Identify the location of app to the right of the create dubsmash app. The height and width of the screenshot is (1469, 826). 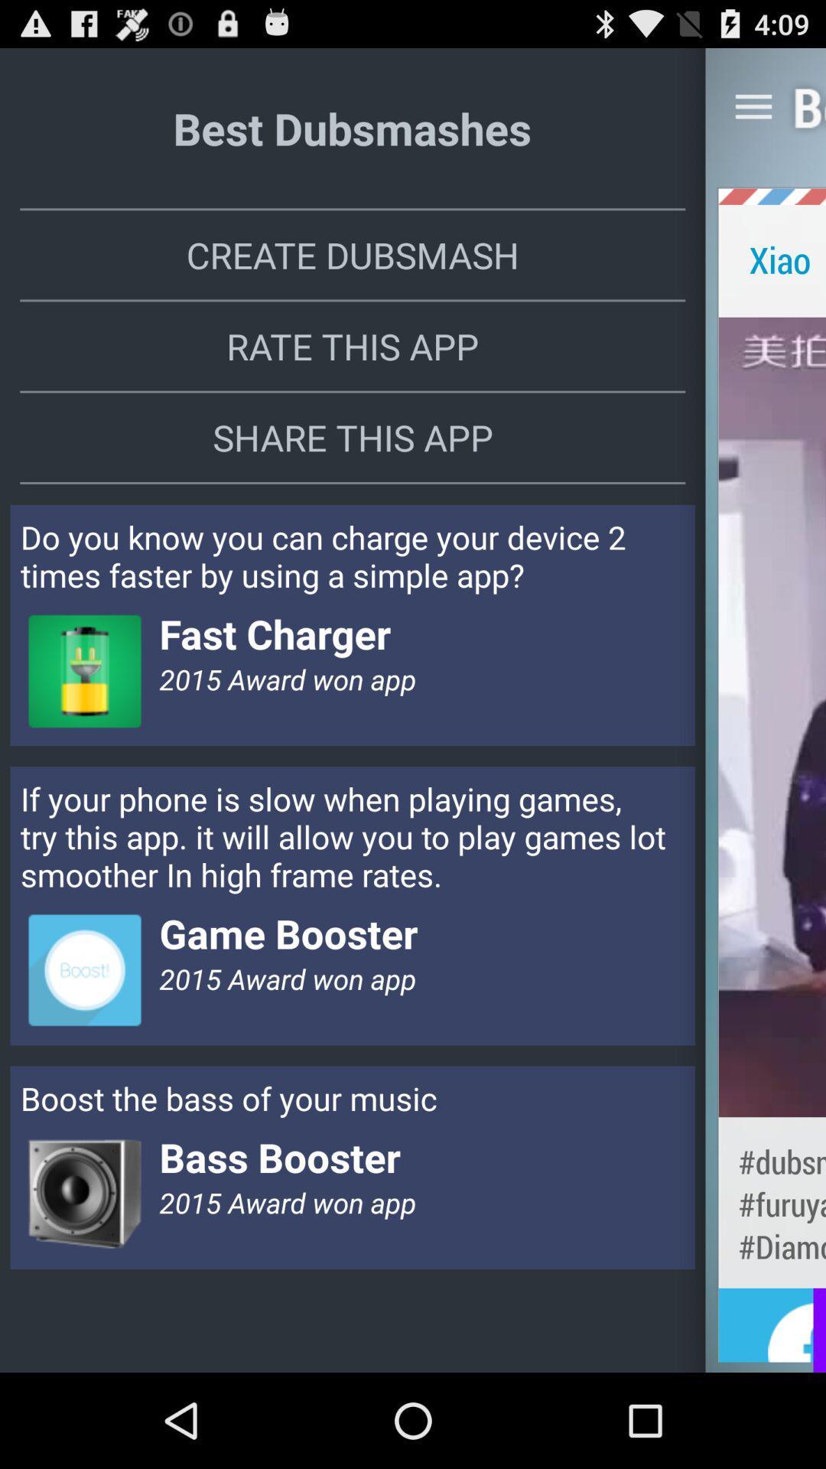
(772, 259).